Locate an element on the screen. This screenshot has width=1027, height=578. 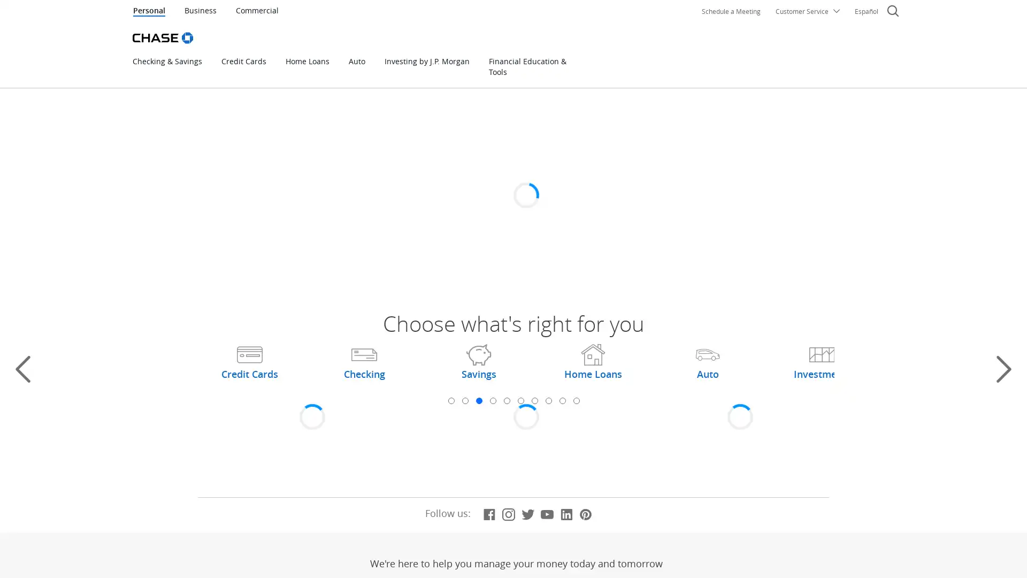
Slide 6 of 10 is located at coordinates (520, 400).